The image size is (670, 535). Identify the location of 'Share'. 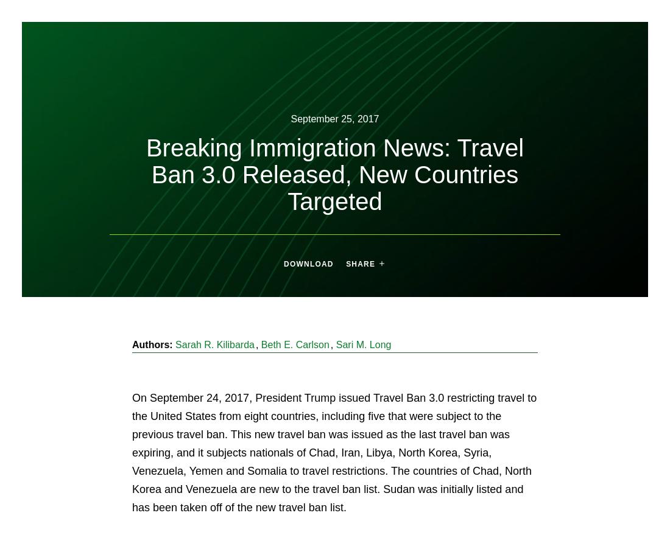
(345, 262).